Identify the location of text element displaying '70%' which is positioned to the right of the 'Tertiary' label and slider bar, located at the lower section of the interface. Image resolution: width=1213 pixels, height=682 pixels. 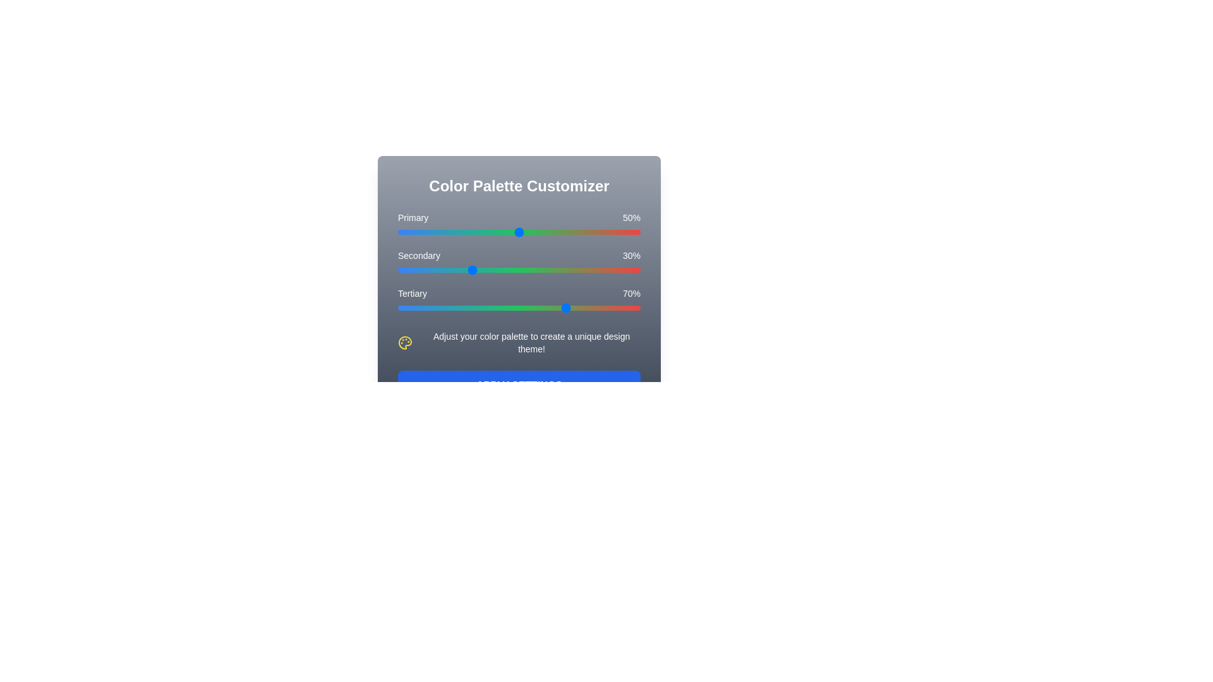
(631, 294).